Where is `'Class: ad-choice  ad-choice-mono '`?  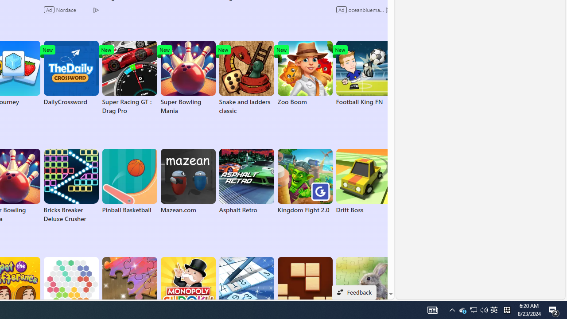
'Class: ad-choice  ad-choice-mono ' is located at coordinates (388, 9).